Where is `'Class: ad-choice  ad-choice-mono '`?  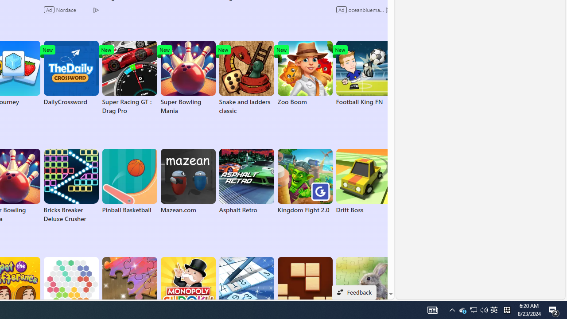
'Class: ad-choice  ad-choice-mono ' is located at coordinates (388, 9).